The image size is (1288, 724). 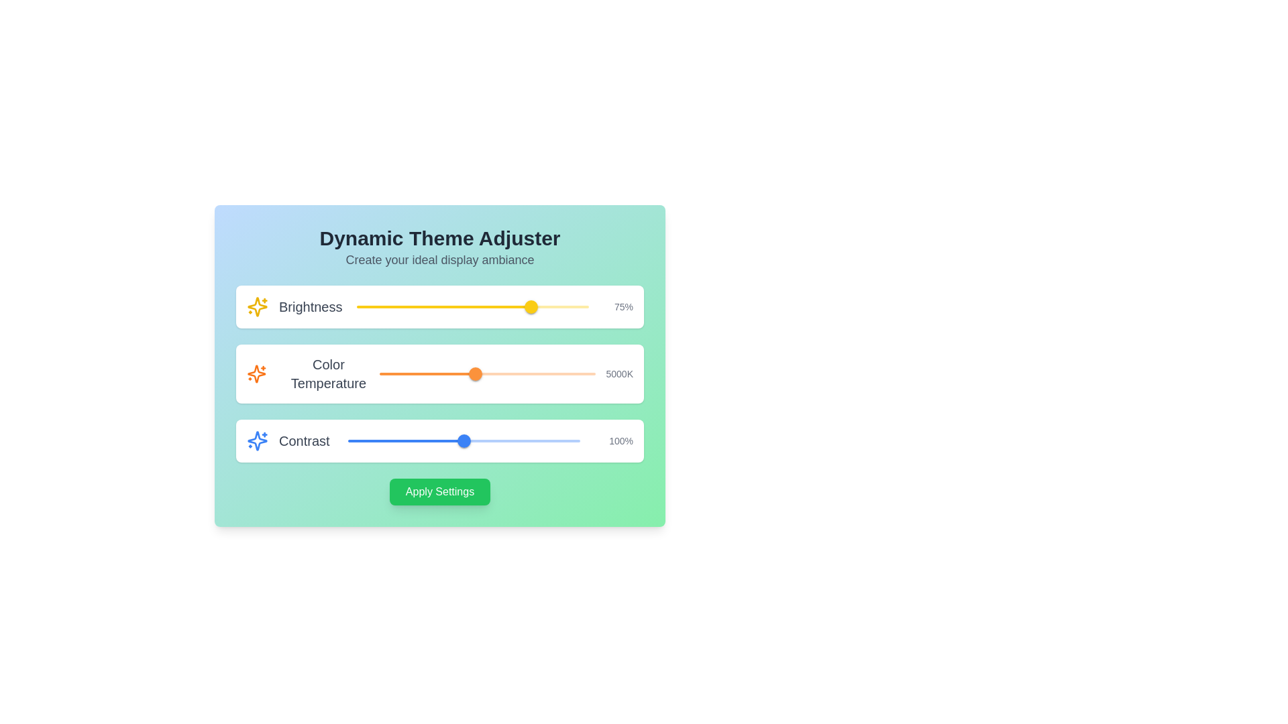 I want to click on the horizontal red-colored slider rail of the 'Color Temperature' adjustment slider to move the slider thumb to the clicked position, so click(x=486, y=374).